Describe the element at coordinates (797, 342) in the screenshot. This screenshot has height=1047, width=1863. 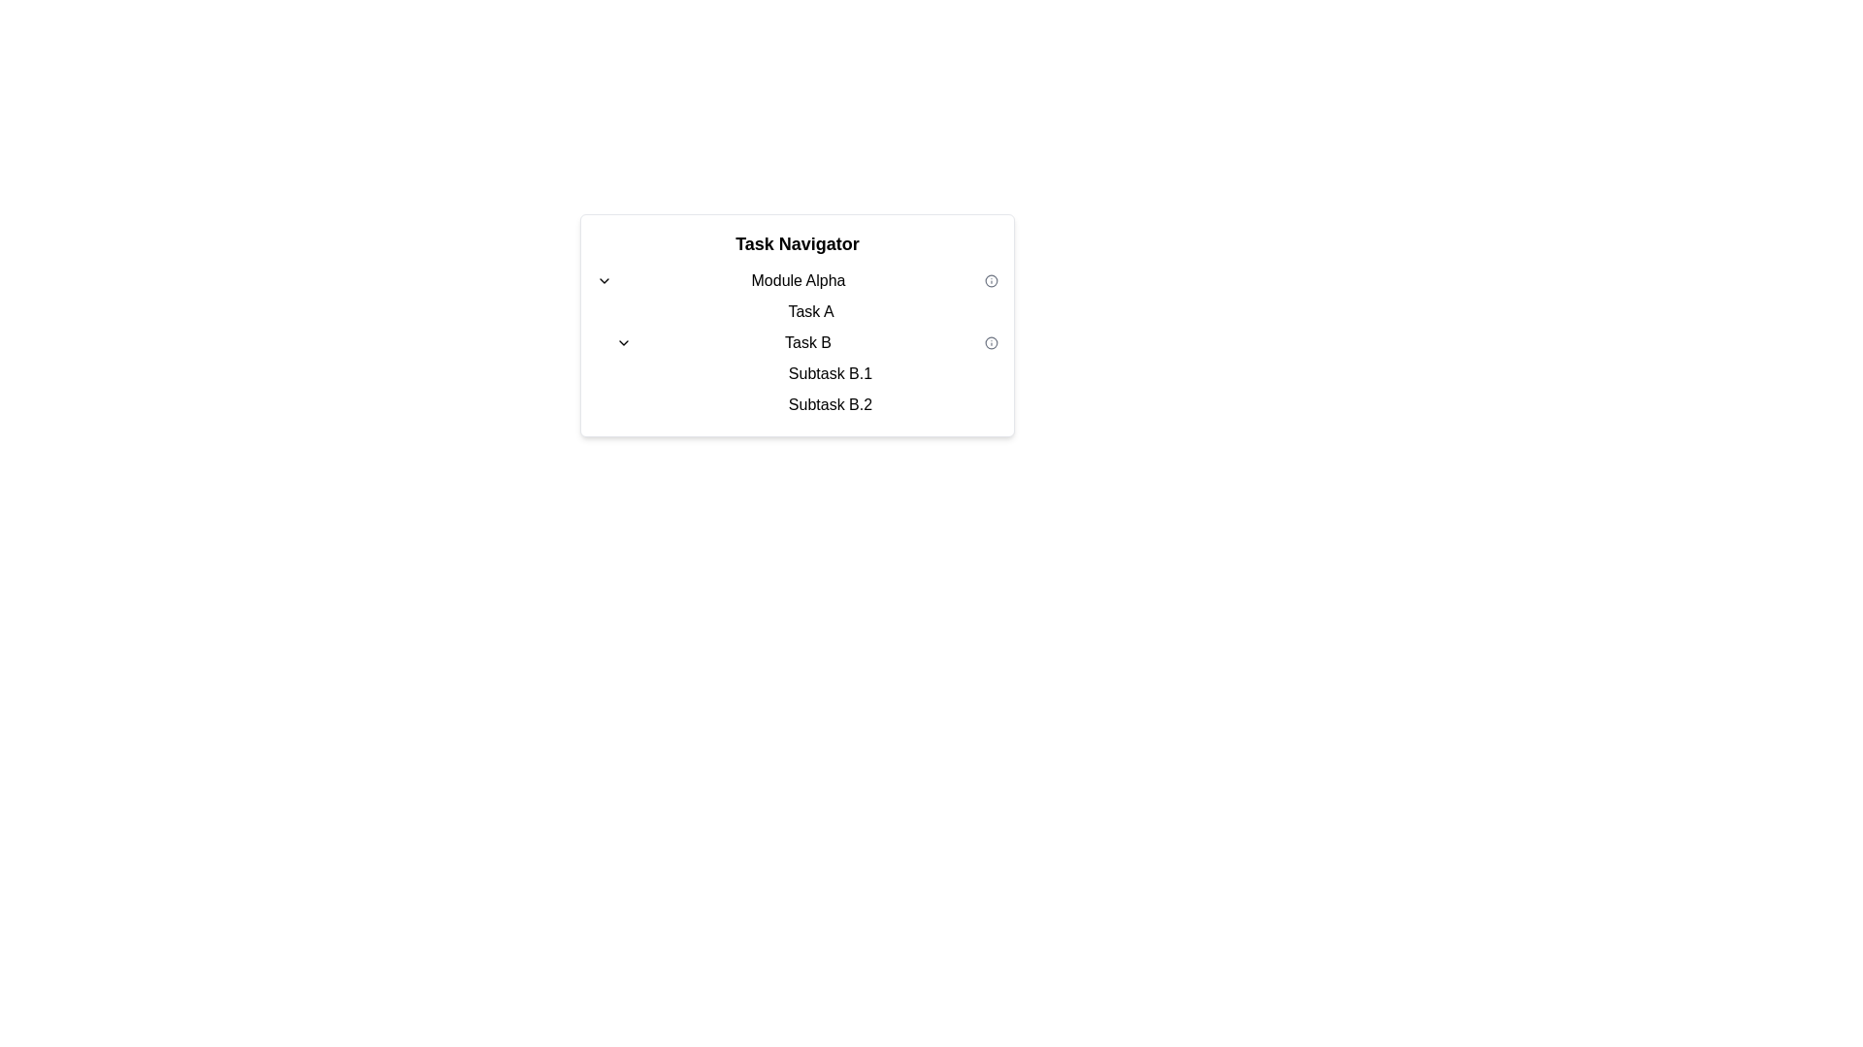
I see `the Collapsible List Header labeled 'Task B'` at that location.